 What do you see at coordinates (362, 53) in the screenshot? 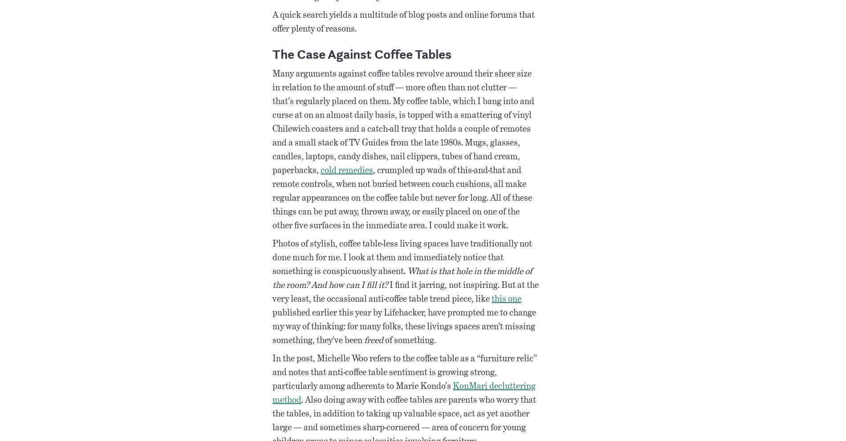
I see `'The Case Against Coffee Tables'` at bounding box center [362, 53].